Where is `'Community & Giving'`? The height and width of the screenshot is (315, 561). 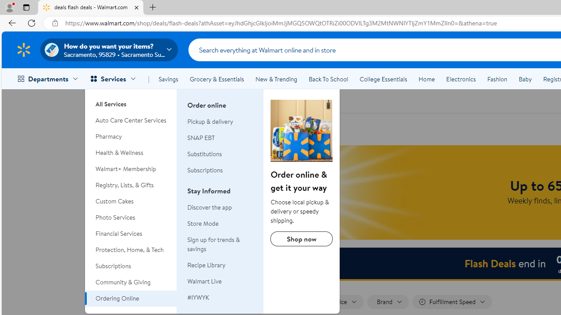
'Community & Giving' is located at coordinates (131, 282).